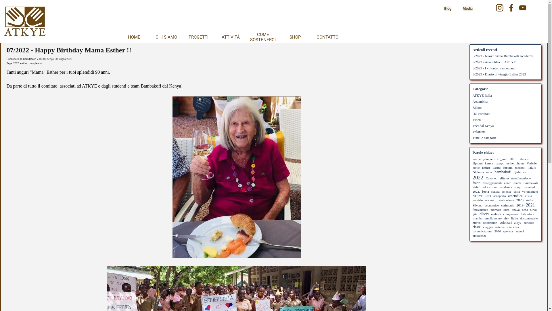 This screenshot has width=552, height=311. I want to click on 'Assemblea', so click(480, 101).